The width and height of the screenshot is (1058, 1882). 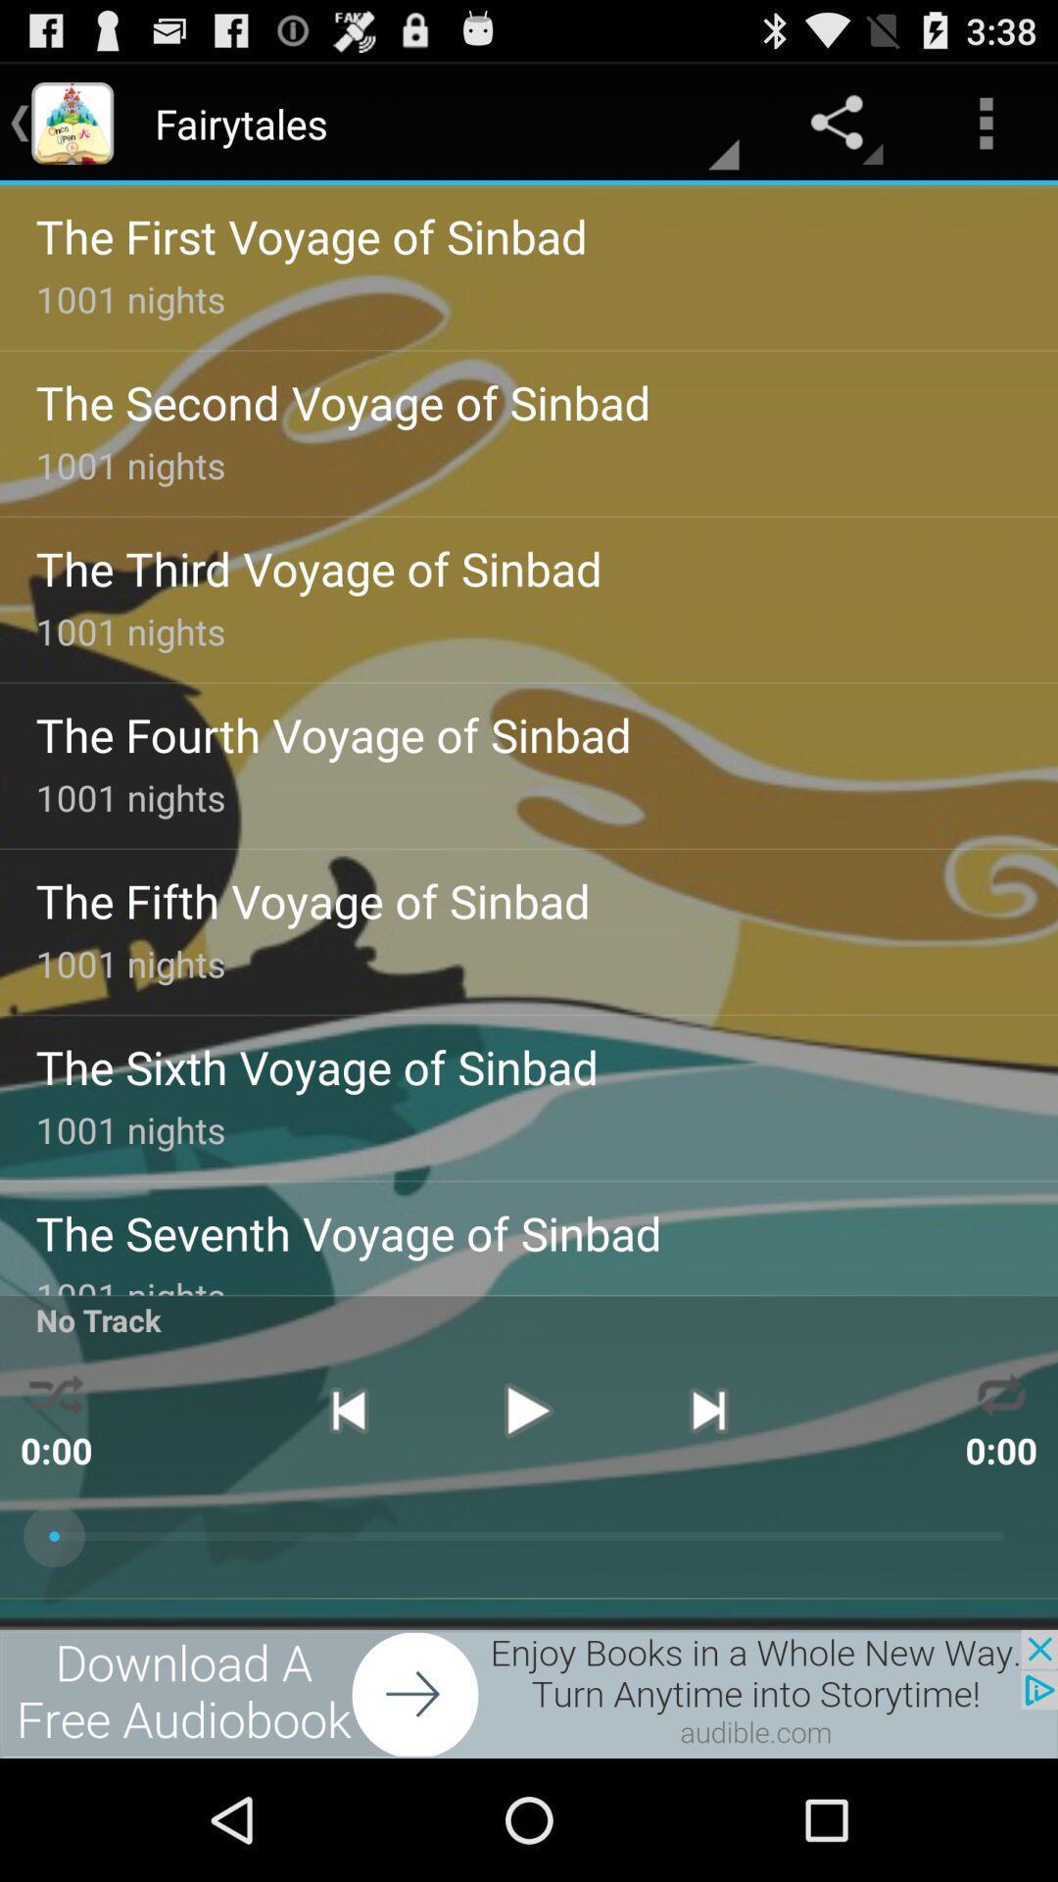 What do you see at coordinates (529, 1693) in the screenshot?
I see `open advertisement` at bounding box center [529, 1693].